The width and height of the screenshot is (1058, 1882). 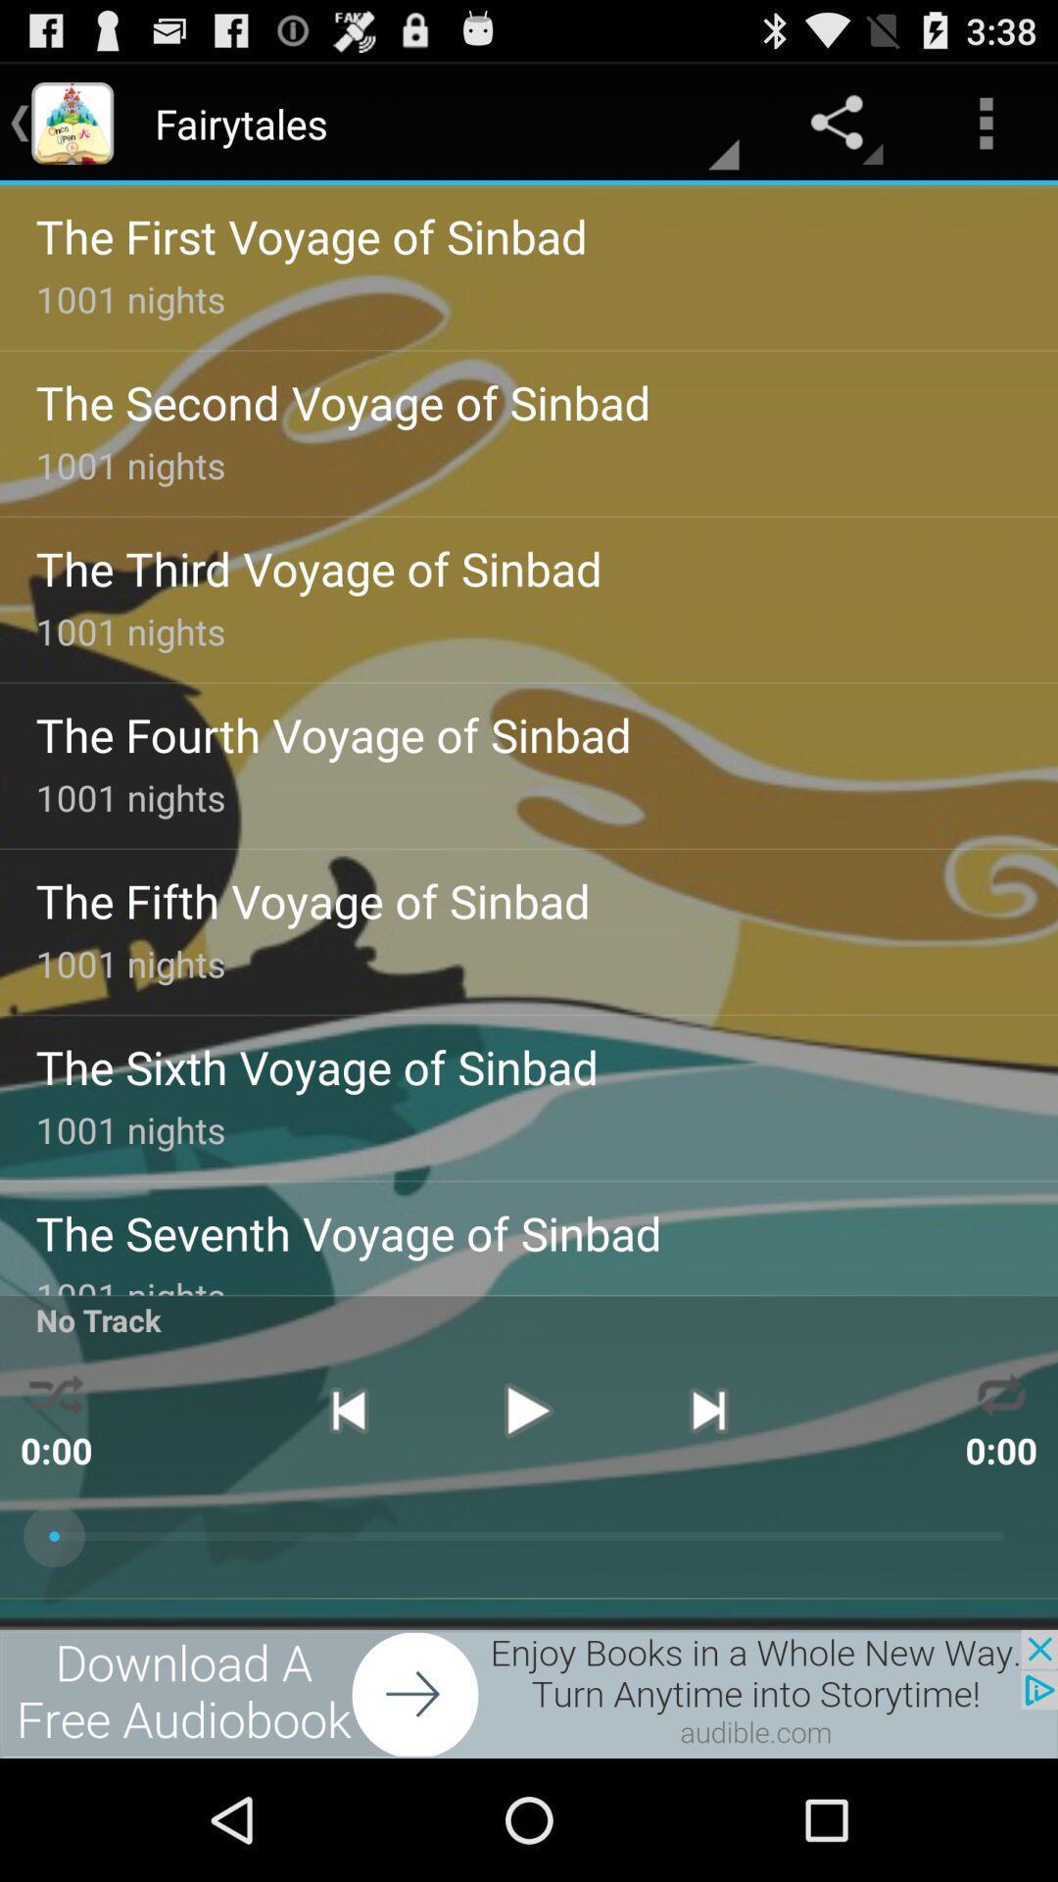 What do you see at coordinates (529, 1693) in the screenshot?
I see `open advertisement` at bounding box center [529, 1693].